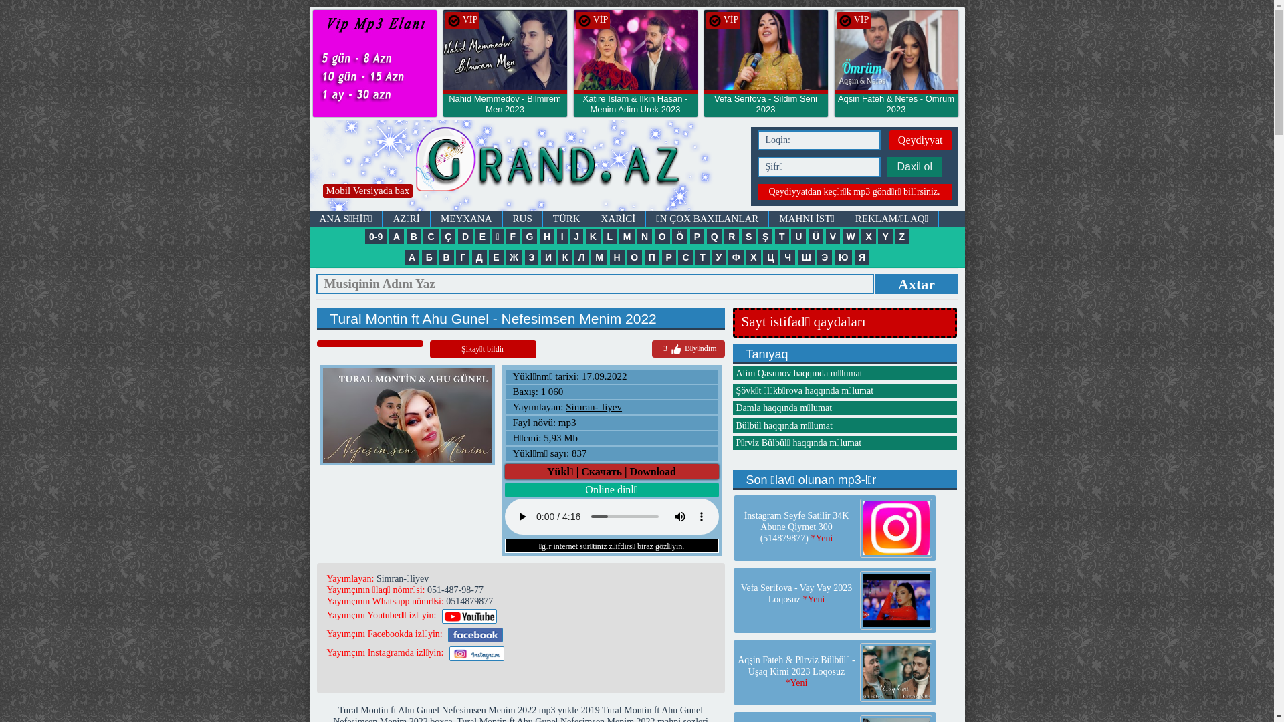 This screenshot has height=722, width=1284. What do you see at coordinates (619, 236) in the screenshot?
I see `'M'` at bounding box center [619, 236].